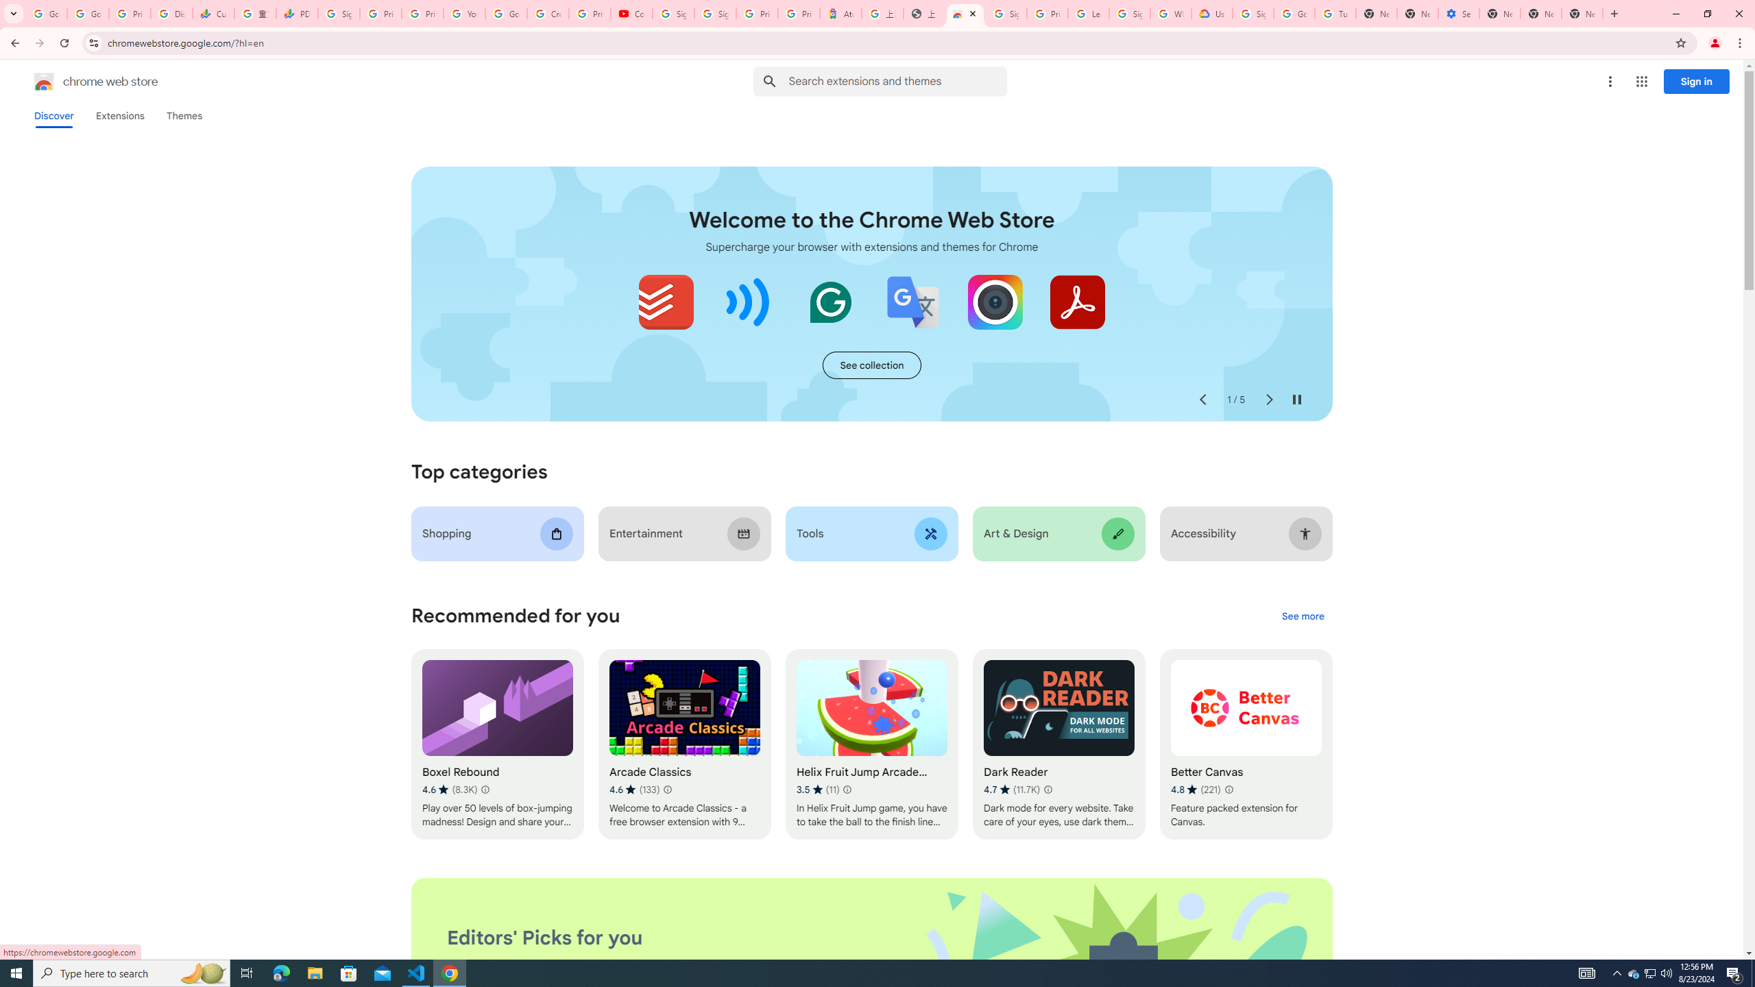 This screenshot has height=987, width=1755. I want to click on 'Arcade Classics', so click(684, 744).